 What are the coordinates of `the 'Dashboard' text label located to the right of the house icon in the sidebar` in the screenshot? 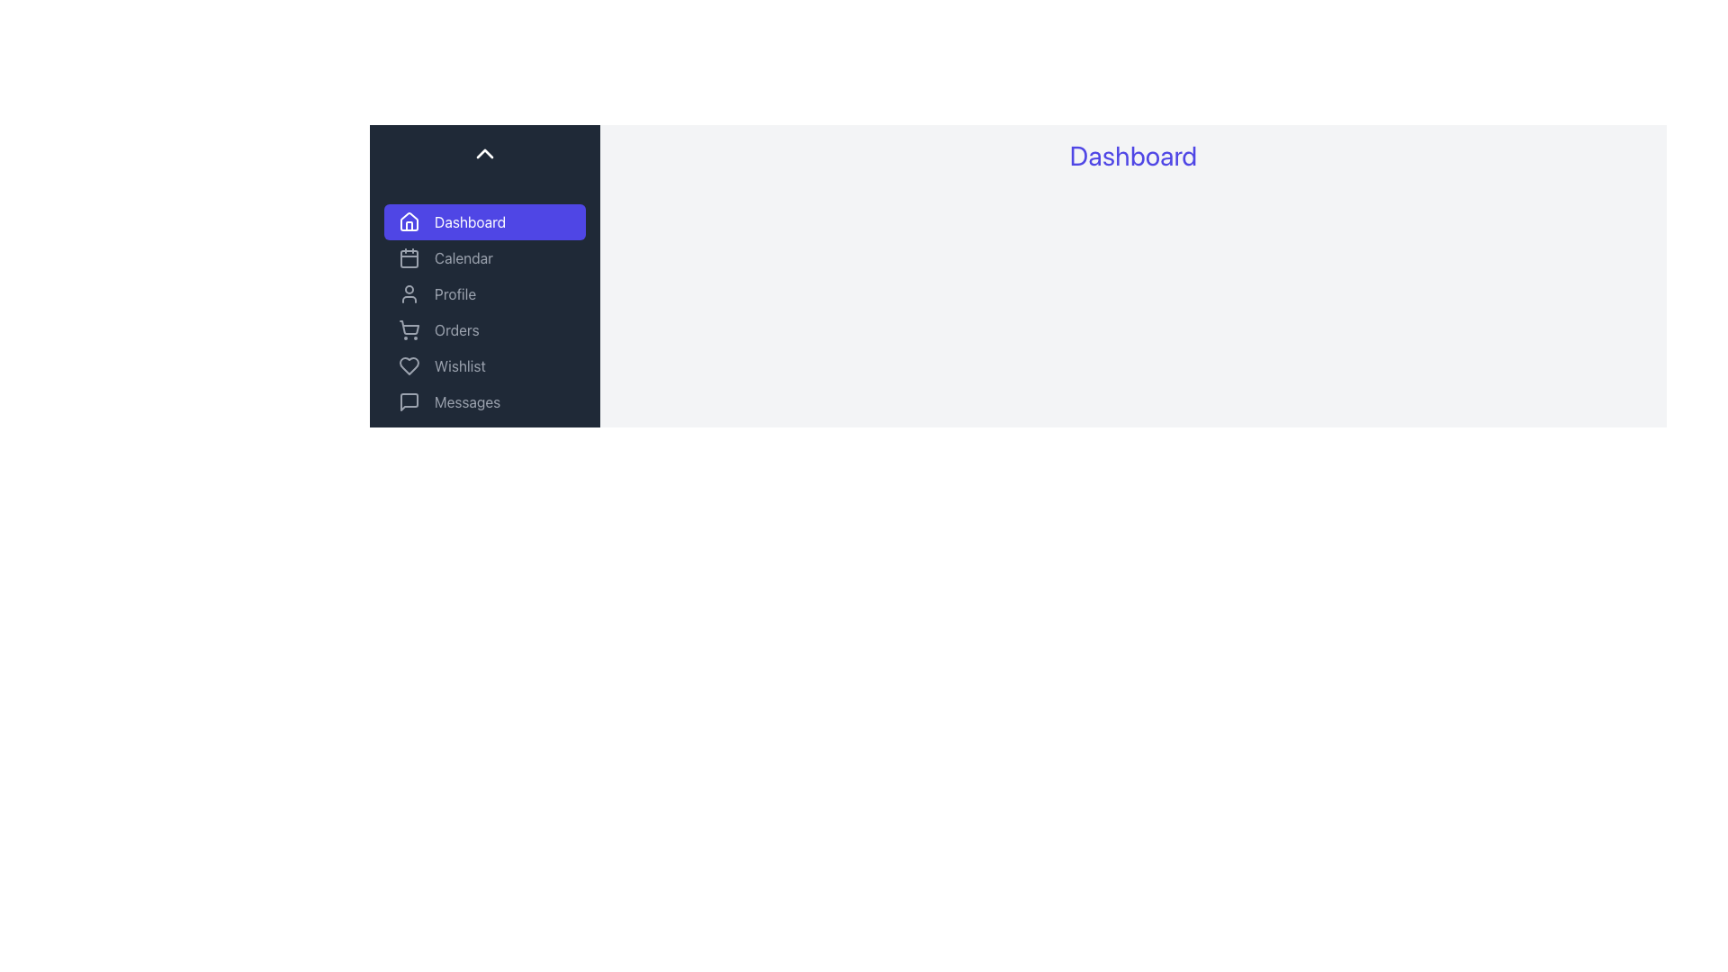 It's located at (470, 220).